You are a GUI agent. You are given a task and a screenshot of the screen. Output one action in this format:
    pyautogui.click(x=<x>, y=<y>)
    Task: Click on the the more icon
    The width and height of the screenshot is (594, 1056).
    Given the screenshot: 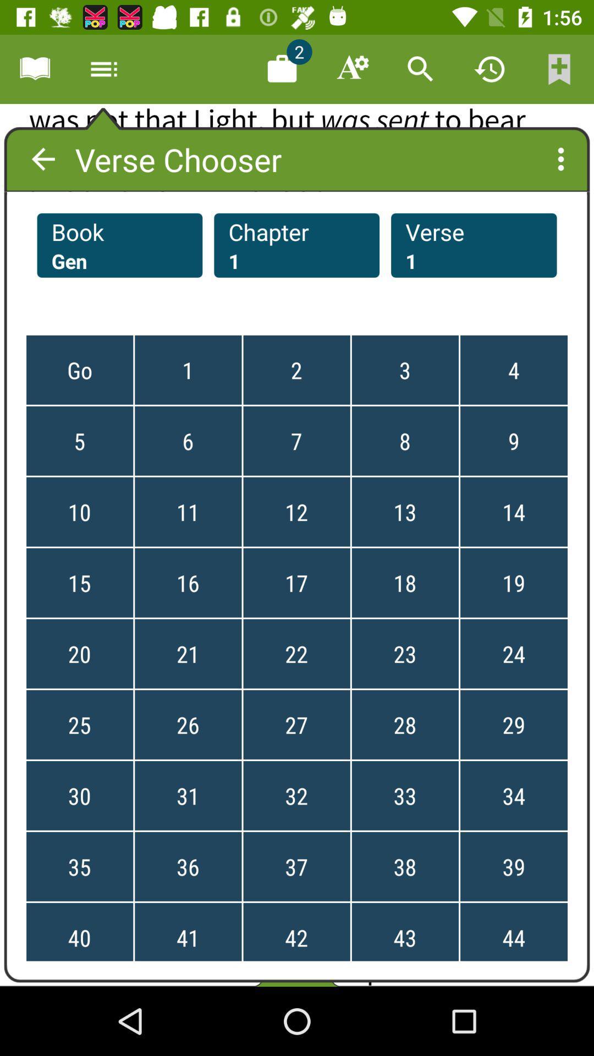 What is the action you would take?
    pyautogui.click(x=560, y=158)
    